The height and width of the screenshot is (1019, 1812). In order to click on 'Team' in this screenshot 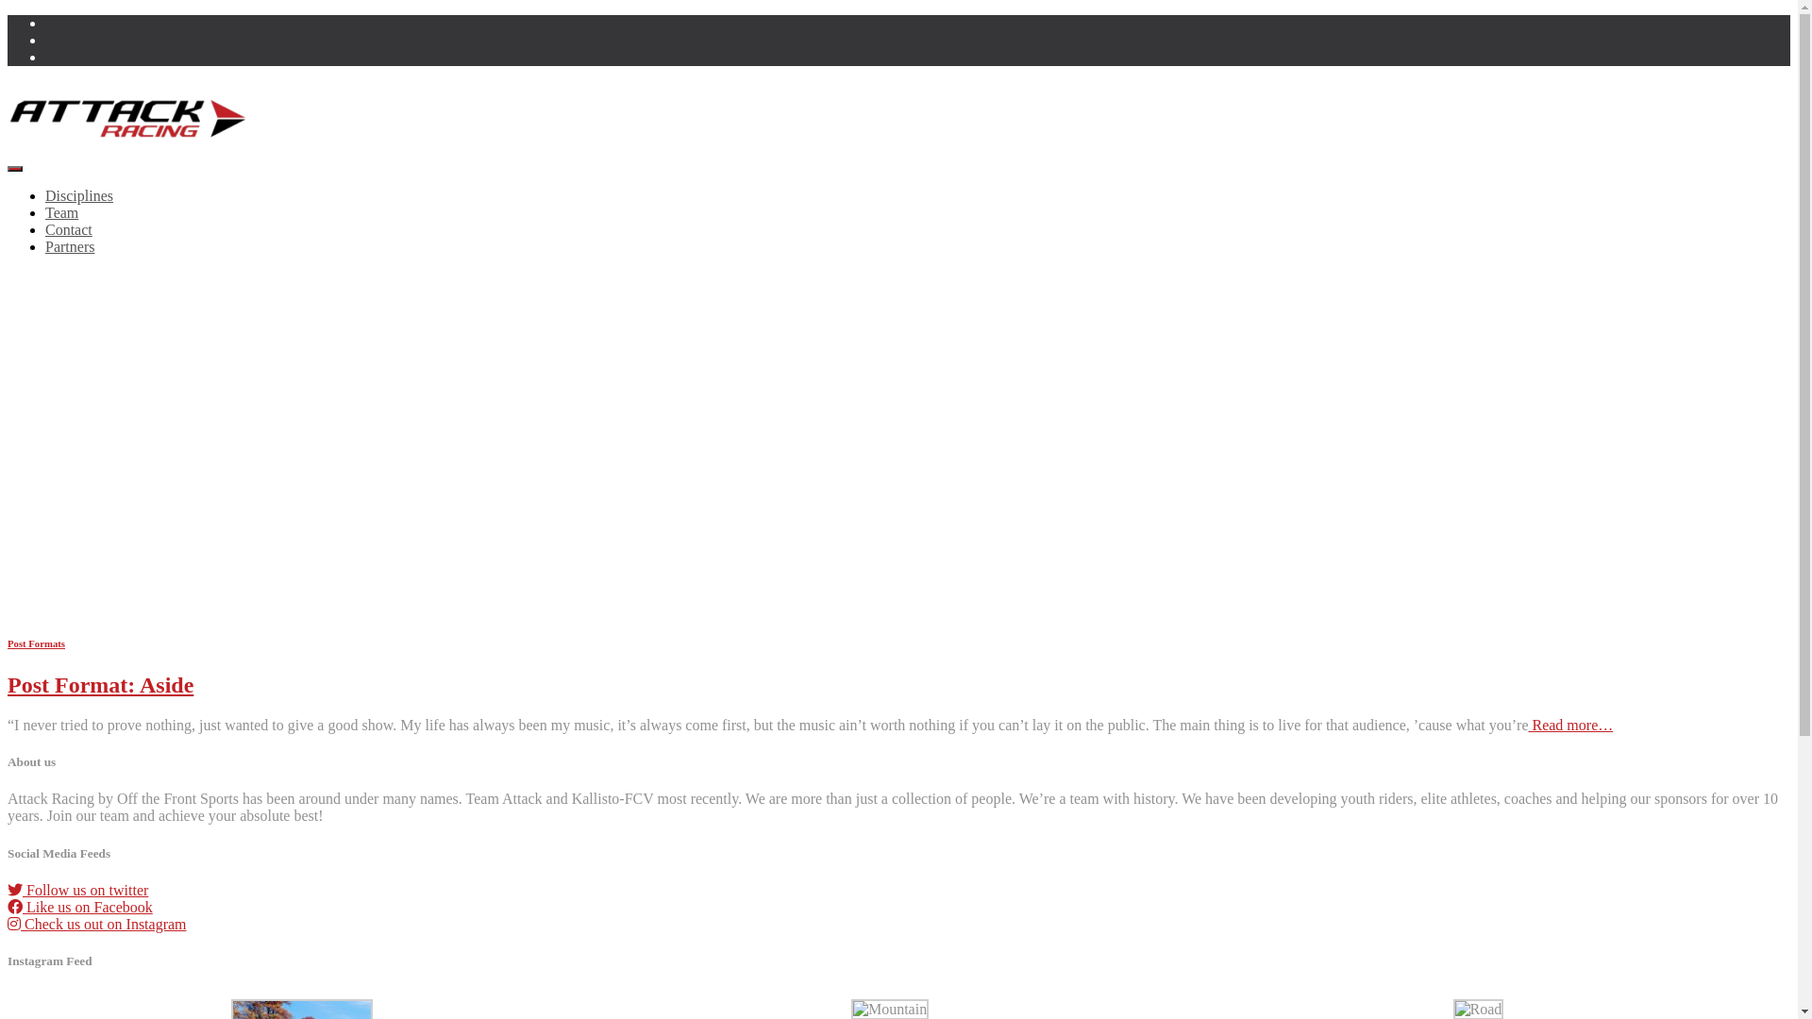, I will do `click(61, 212)`.